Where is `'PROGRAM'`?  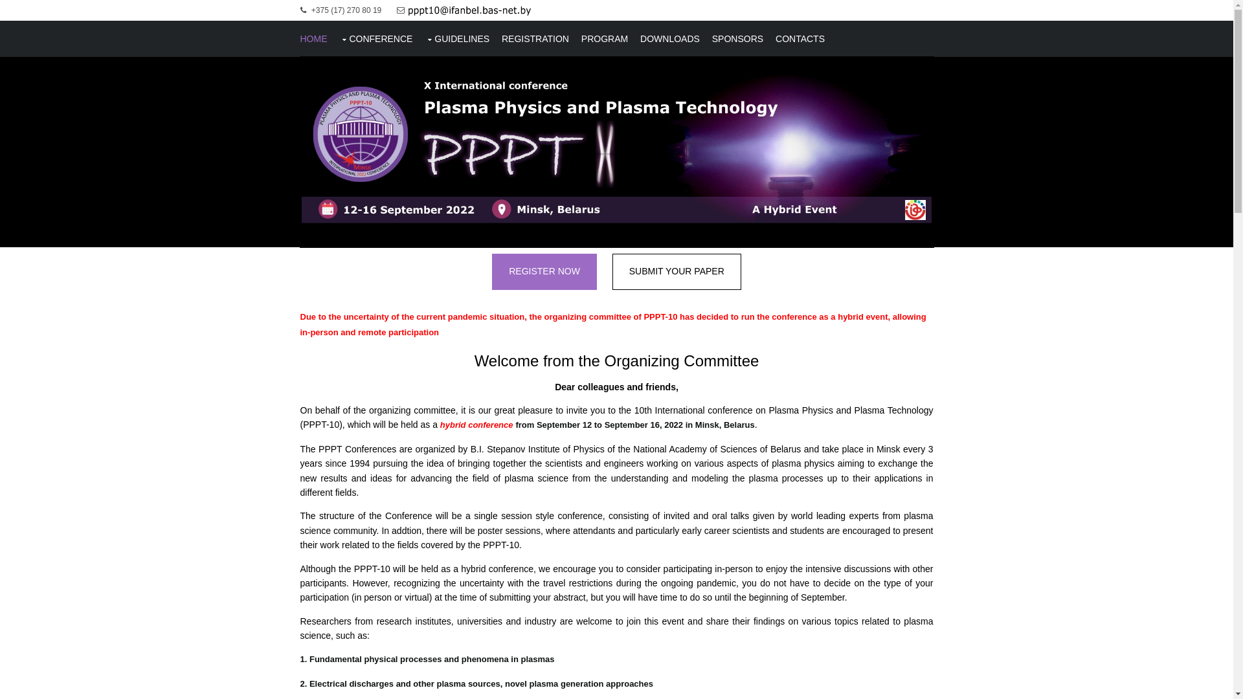 'PROGRAM' is located at coordinates (580, 38).